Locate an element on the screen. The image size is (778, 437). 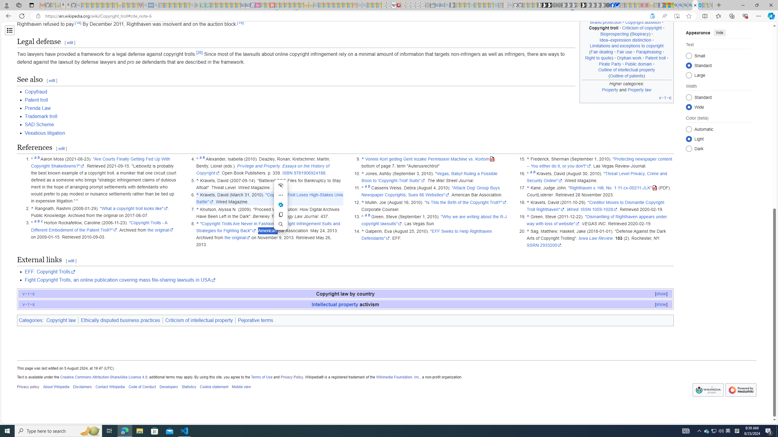
'Wide' is located at coordinates (689, 107).